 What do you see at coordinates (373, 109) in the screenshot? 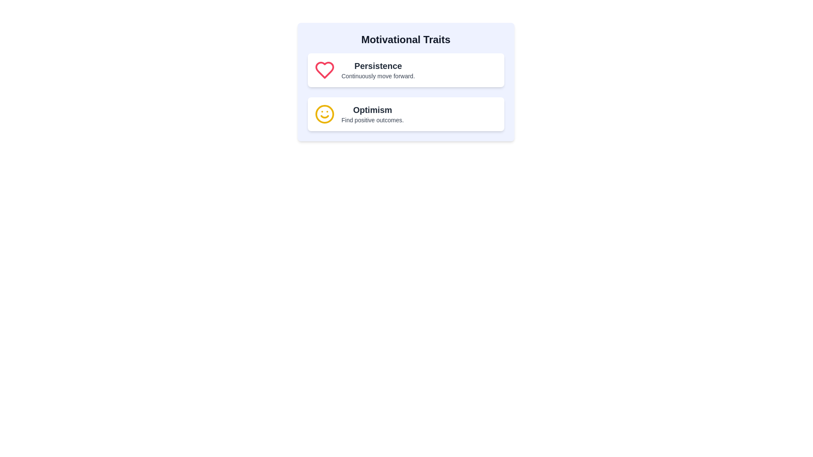
I see `the title text indicating the name of the motivational trait located in the bottom trait card, above the descriptive text 'Find positive outcomes.'` at bounding box center [373, 109].